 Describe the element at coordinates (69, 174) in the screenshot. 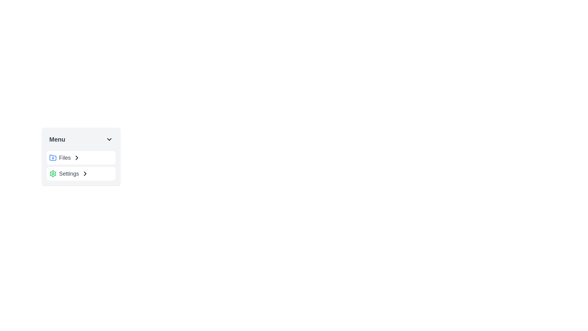

I see `the 'Settings' label in the menu, which is positioned under the 'Files' row and aligned with a green gear icon to its left` at that location.